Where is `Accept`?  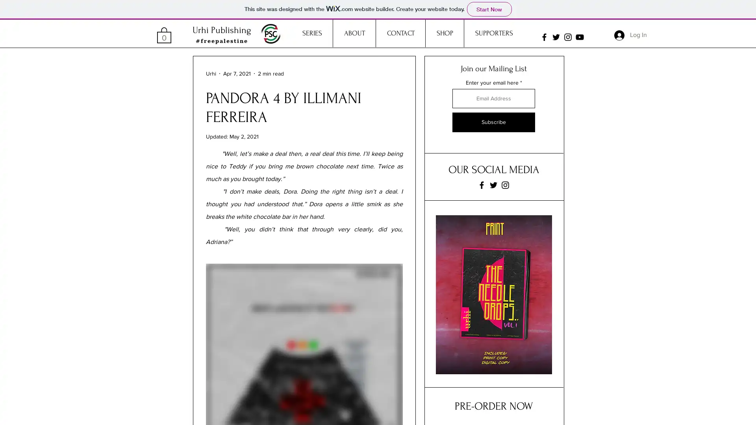 Accept is located at coordinates (721, 412).